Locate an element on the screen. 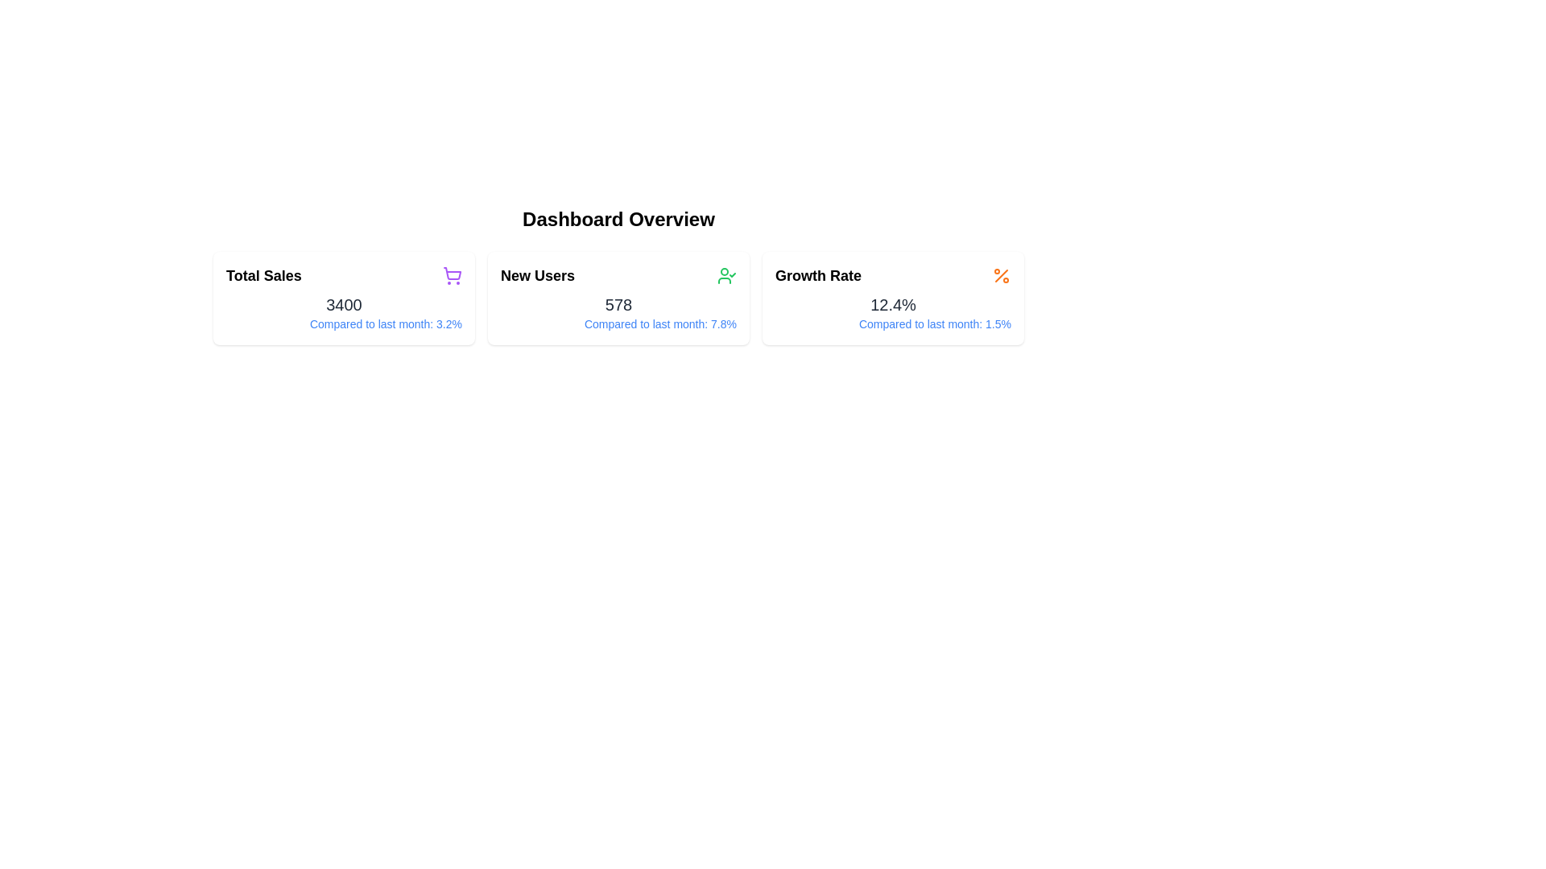 The width and height of the screenshot is (1546, 869). the static text element displaying the growth rate percentage, which is located within the 'Growth Rate' card on the dashboard, positioned below the title 'Growth Rate' is located at coordinates (892, 304).